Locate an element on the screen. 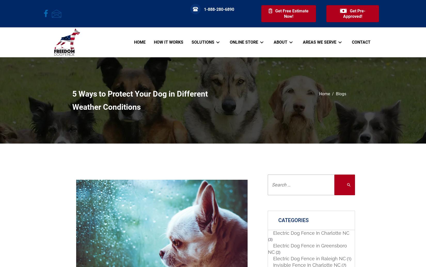 This screenshot has height=267, width=426. '5 Ways to Protect Your Dog in Different Weather Conditions' is located at coordinates (140, 100).